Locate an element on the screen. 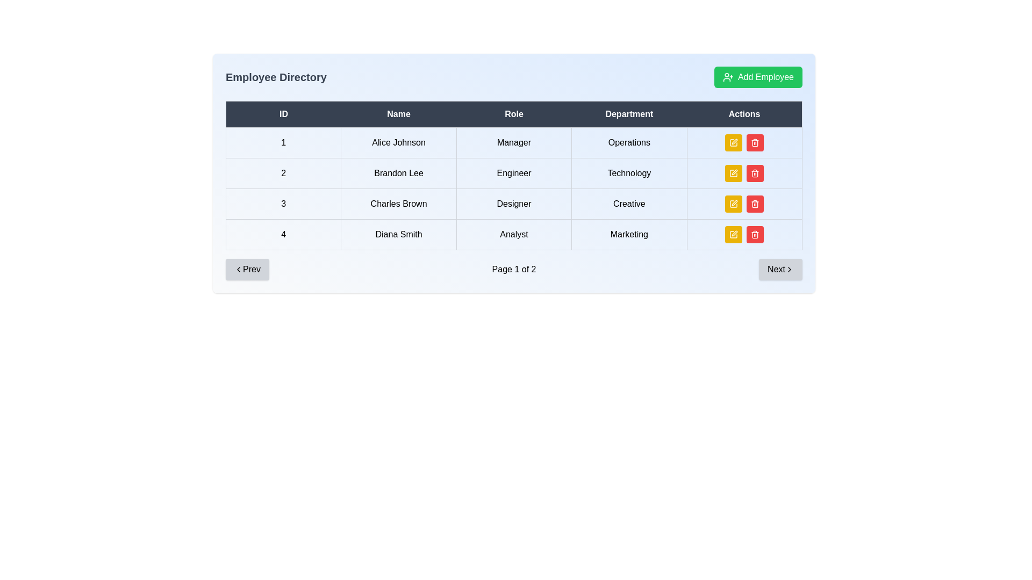 The image size is (1032, 580). the edit button located in the second row of the 'Actions' column in the table to initiate the edit function is located at coordinates (733, 173).